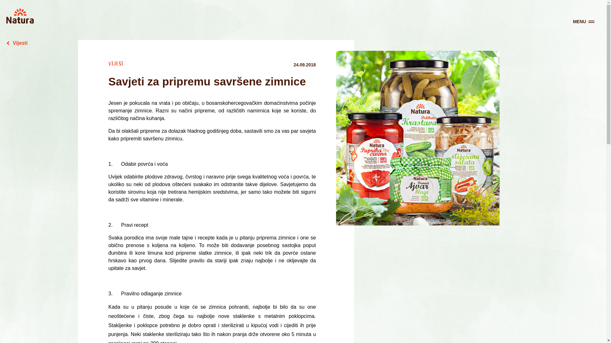 This screenshot has width=611, height=343. I want to click on 'Vijesti', so click(17, 43).